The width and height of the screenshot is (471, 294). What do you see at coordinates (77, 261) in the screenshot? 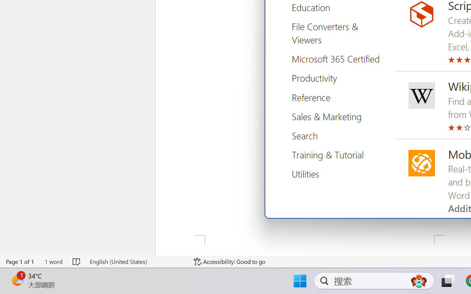
I see `'Spelling and Grammar Check No Errors'` at bounding box center [77, 261].